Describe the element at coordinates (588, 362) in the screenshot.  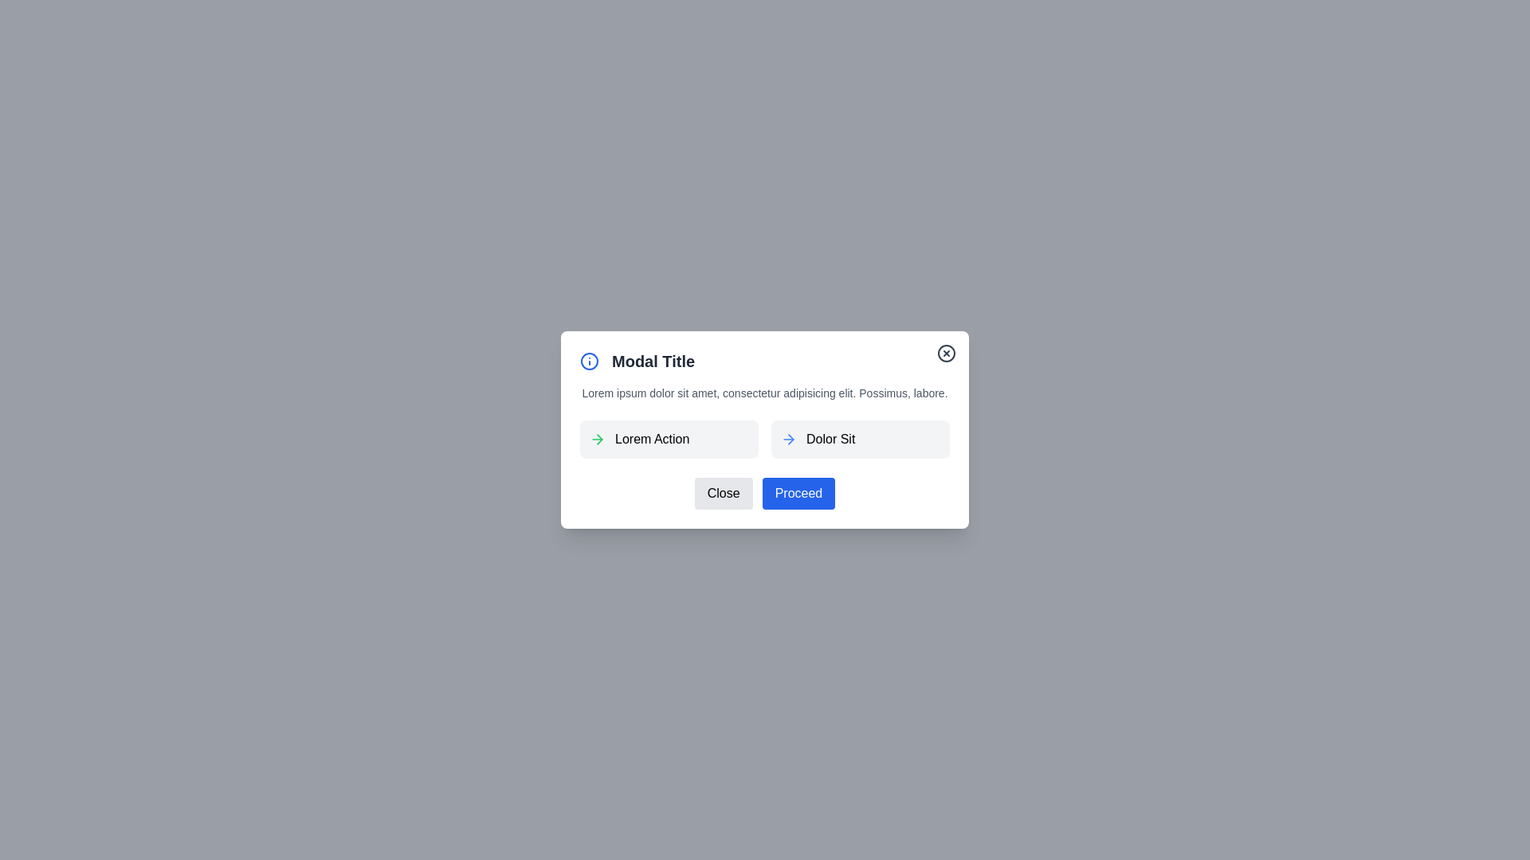
I see `the circular base of the information icon, which has a blue outline and is filled with white, located to the left of the modal window header titled 'Modal Title'` at that location.